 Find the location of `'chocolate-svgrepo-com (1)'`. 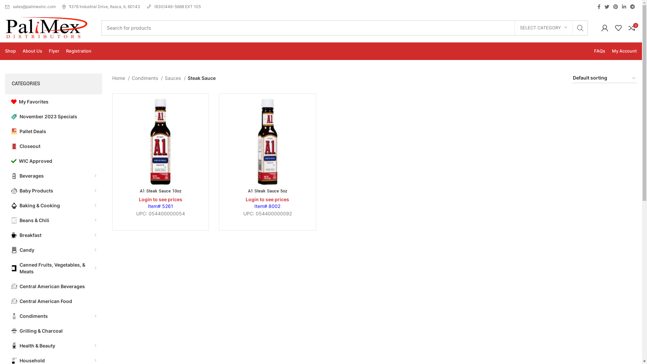

'chocolate-svgrepo-com (1)' is located at coordinates (11, 250).